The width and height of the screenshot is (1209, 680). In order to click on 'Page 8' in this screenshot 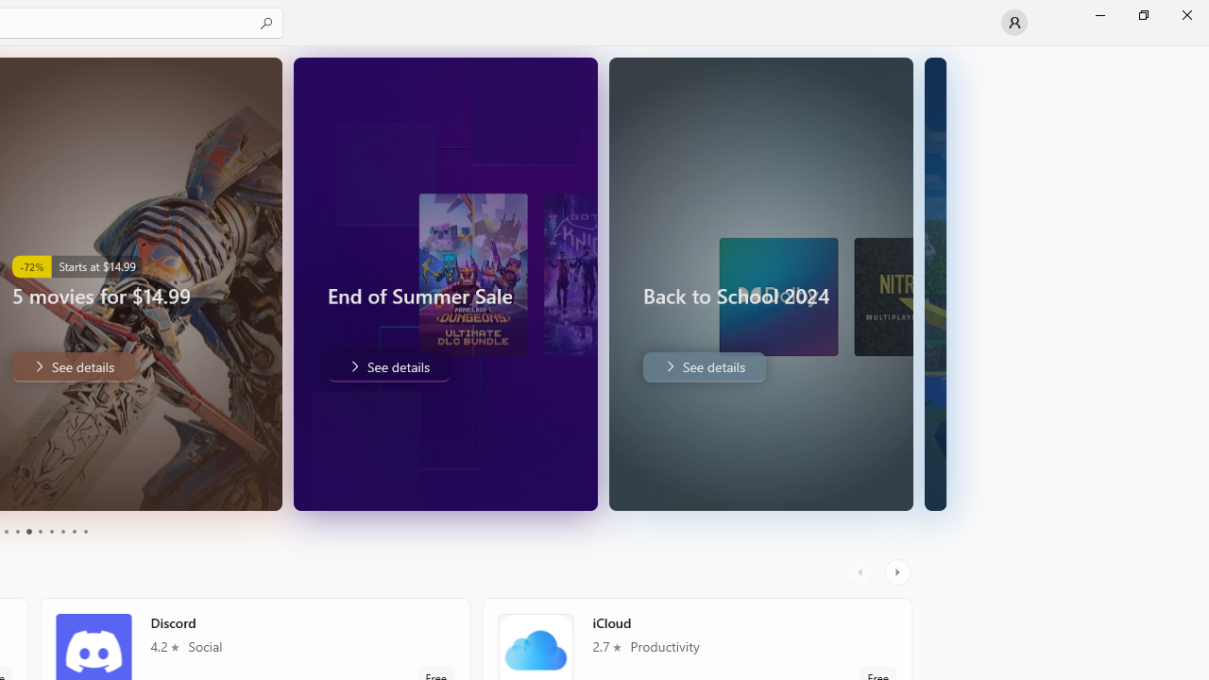, I will do `click(61, 532)`.